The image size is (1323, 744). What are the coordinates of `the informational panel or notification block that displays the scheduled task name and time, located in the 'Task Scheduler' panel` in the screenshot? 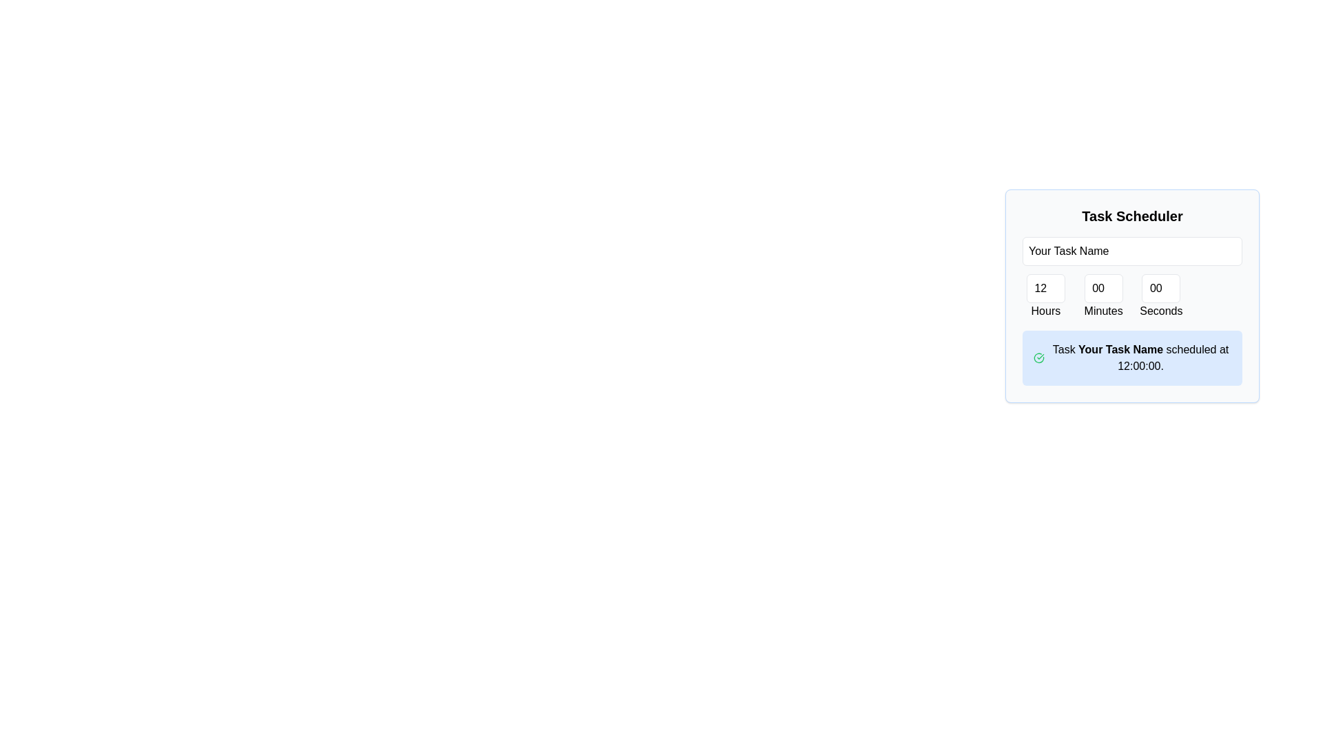 It's located at (1132, 358).